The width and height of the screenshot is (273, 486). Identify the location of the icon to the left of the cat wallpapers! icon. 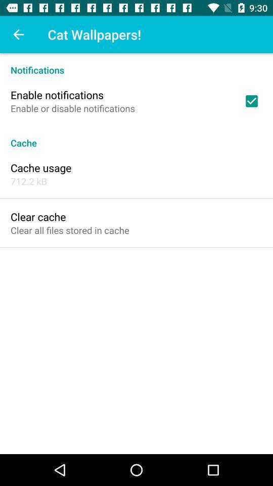
(18, 34).